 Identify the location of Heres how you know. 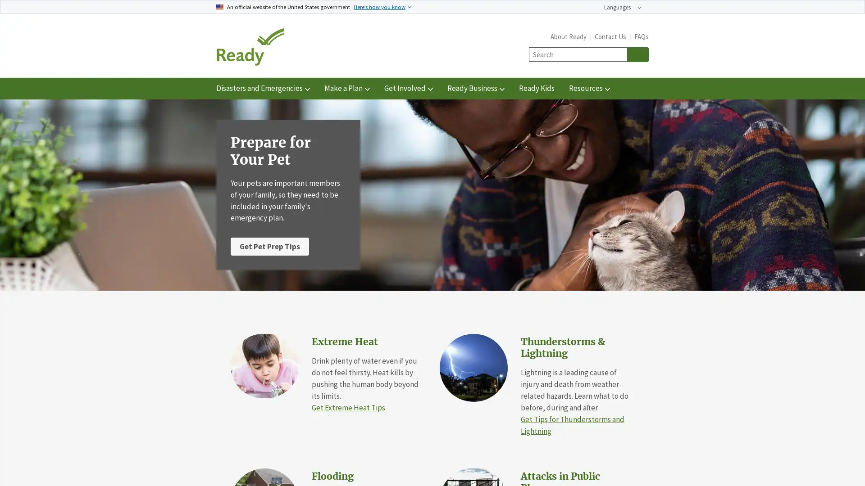
(382, 6).